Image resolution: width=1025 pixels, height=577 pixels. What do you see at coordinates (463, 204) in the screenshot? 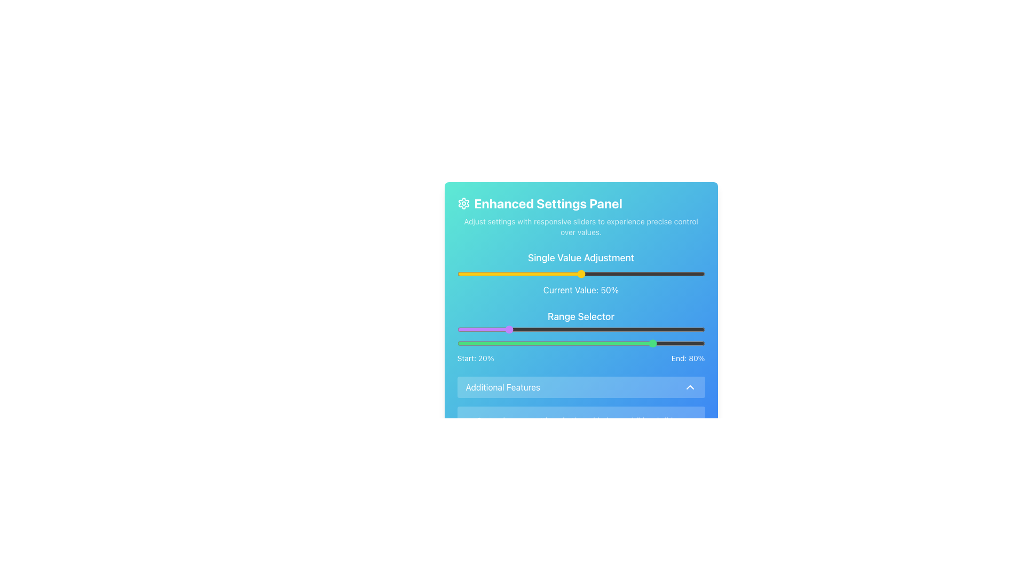
I see `the Settings icon located to the left of the 'Enhanced Settings Panel' title text in the header section` at bounding box center [463, 204].